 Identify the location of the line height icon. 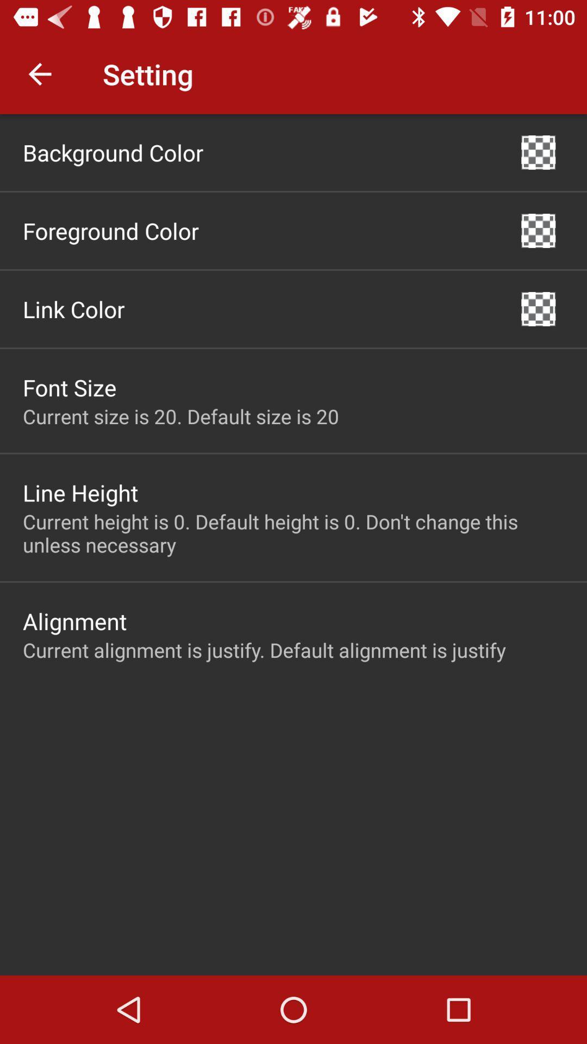
(80, 492).